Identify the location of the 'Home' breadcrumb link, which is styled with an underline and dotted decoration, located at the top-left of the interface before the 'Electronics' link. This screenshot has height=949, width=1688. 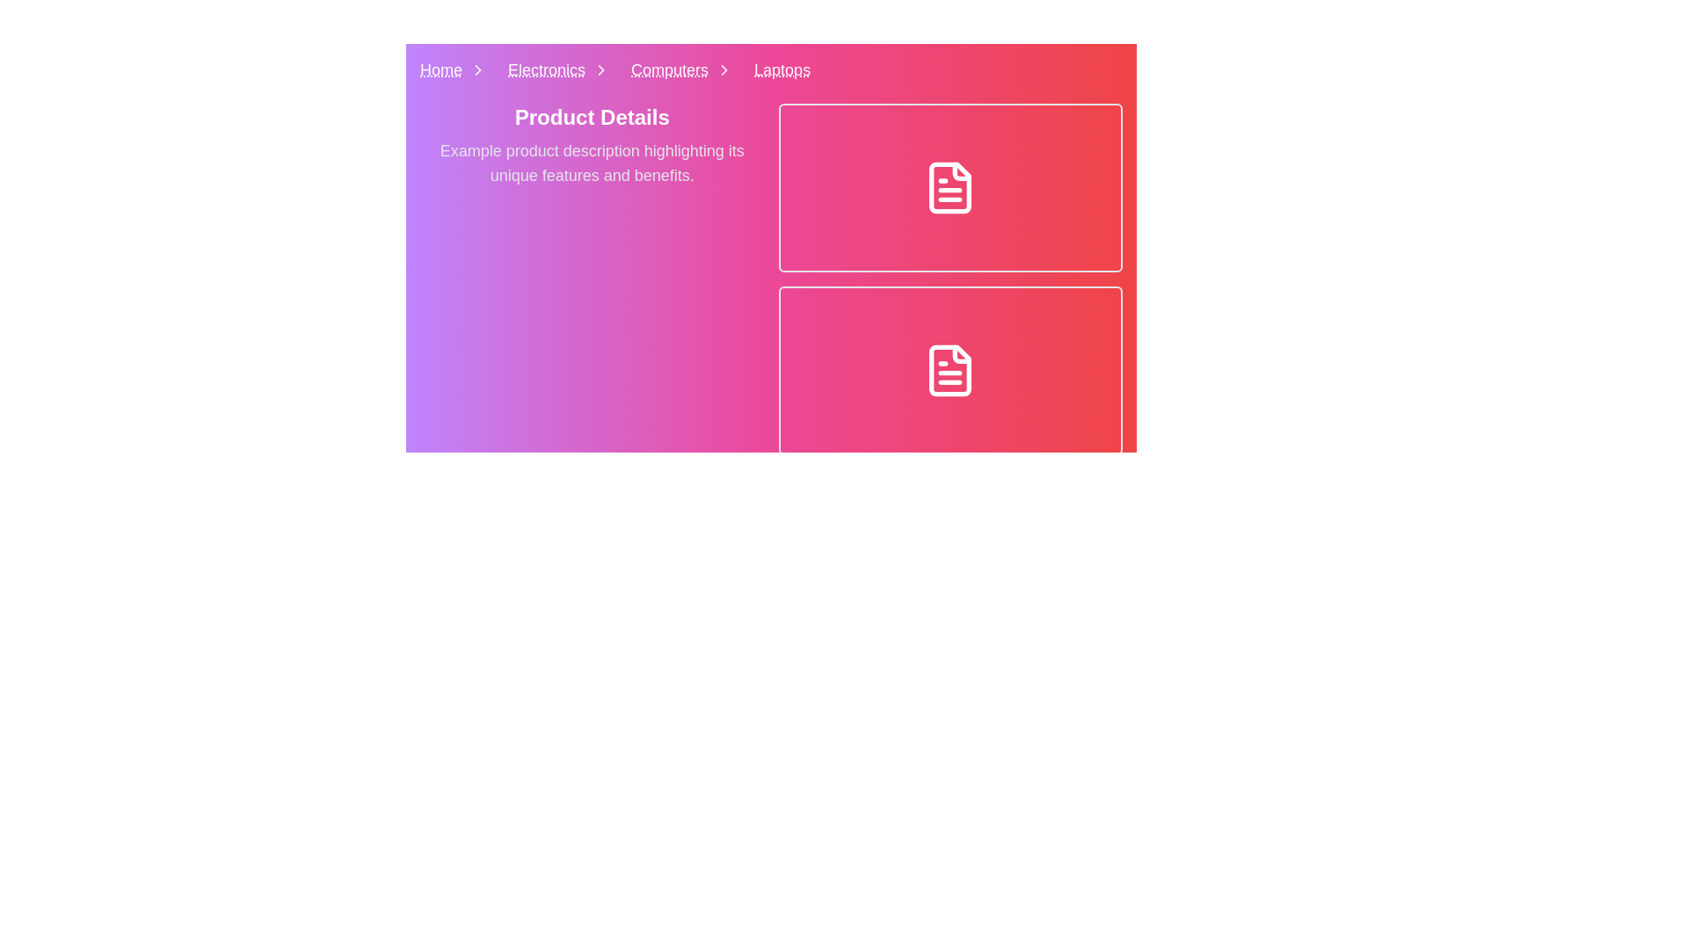
(456, 69).